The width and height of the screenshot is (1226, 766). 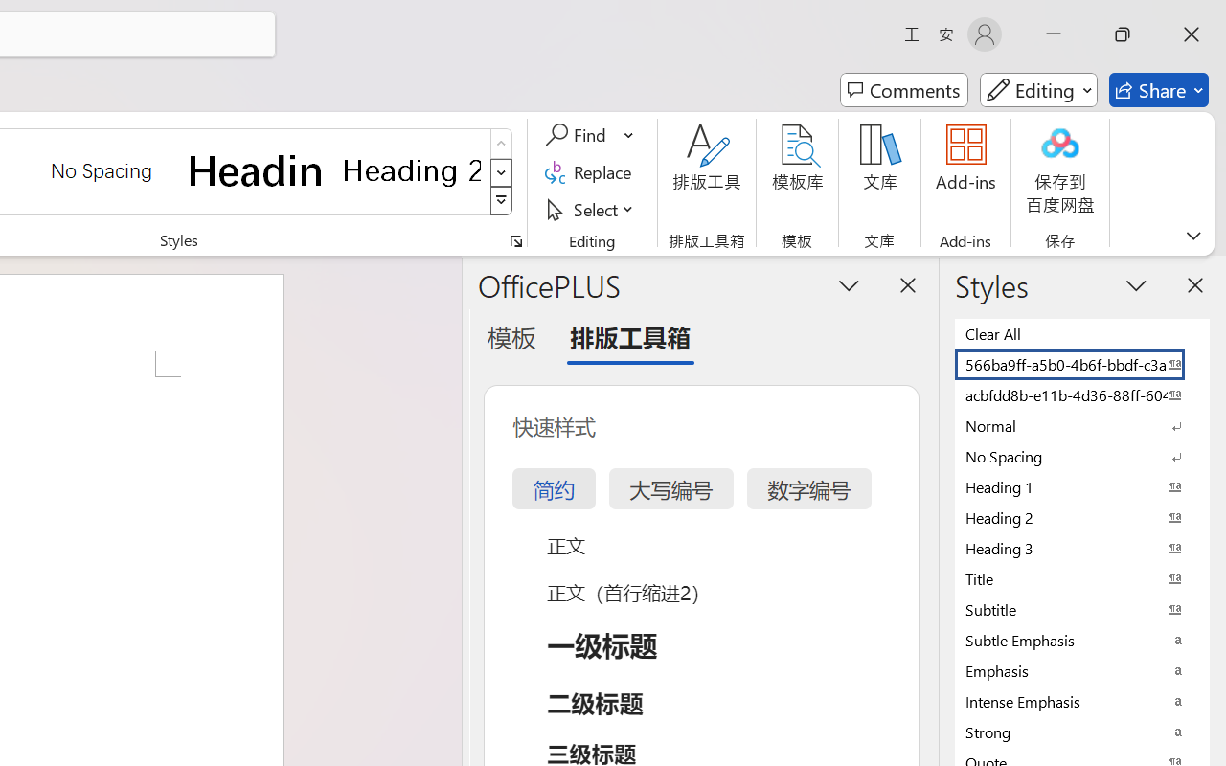 I want to click on 'Close', so click(x=1191, y=34).